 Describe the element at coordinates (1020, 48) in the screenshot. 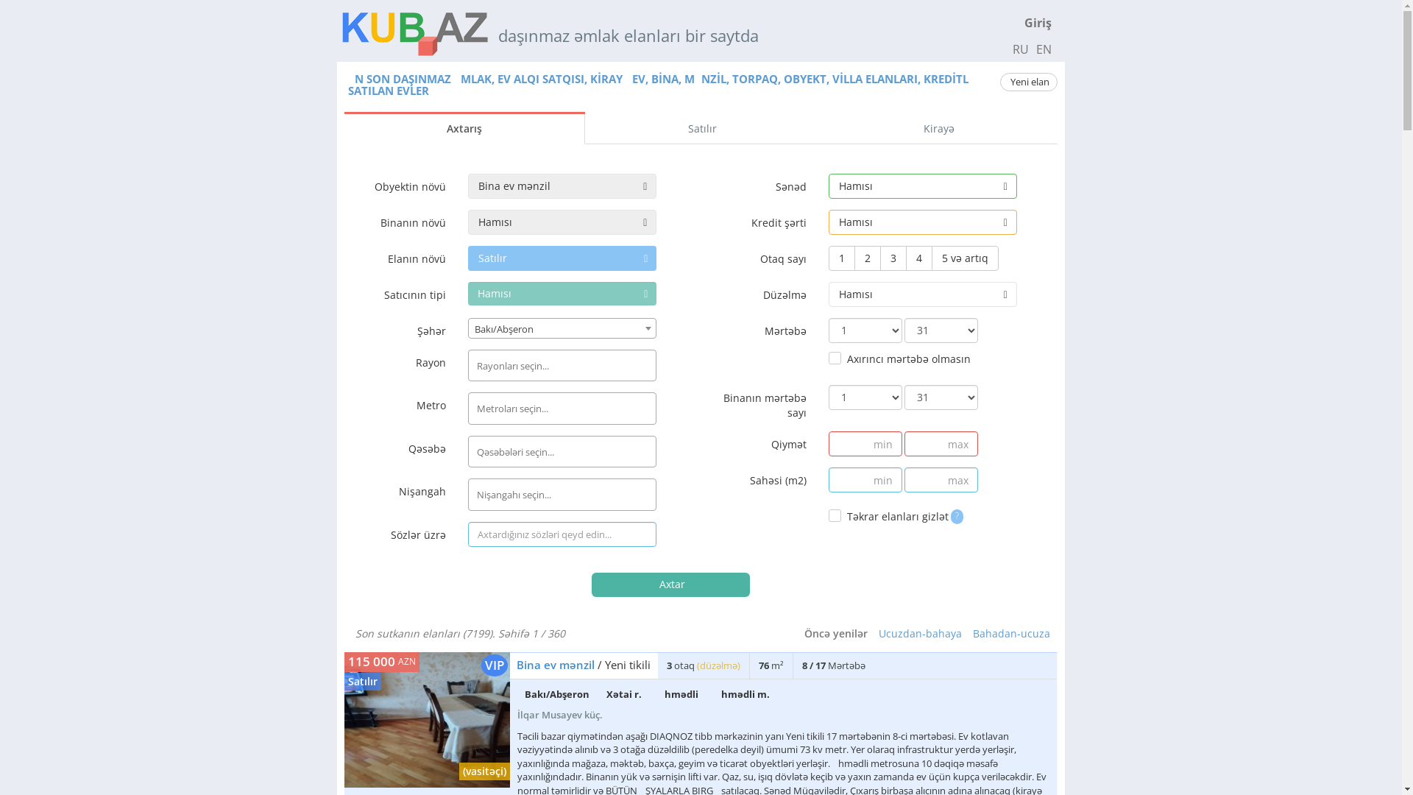

I see `'RU'` at that location.